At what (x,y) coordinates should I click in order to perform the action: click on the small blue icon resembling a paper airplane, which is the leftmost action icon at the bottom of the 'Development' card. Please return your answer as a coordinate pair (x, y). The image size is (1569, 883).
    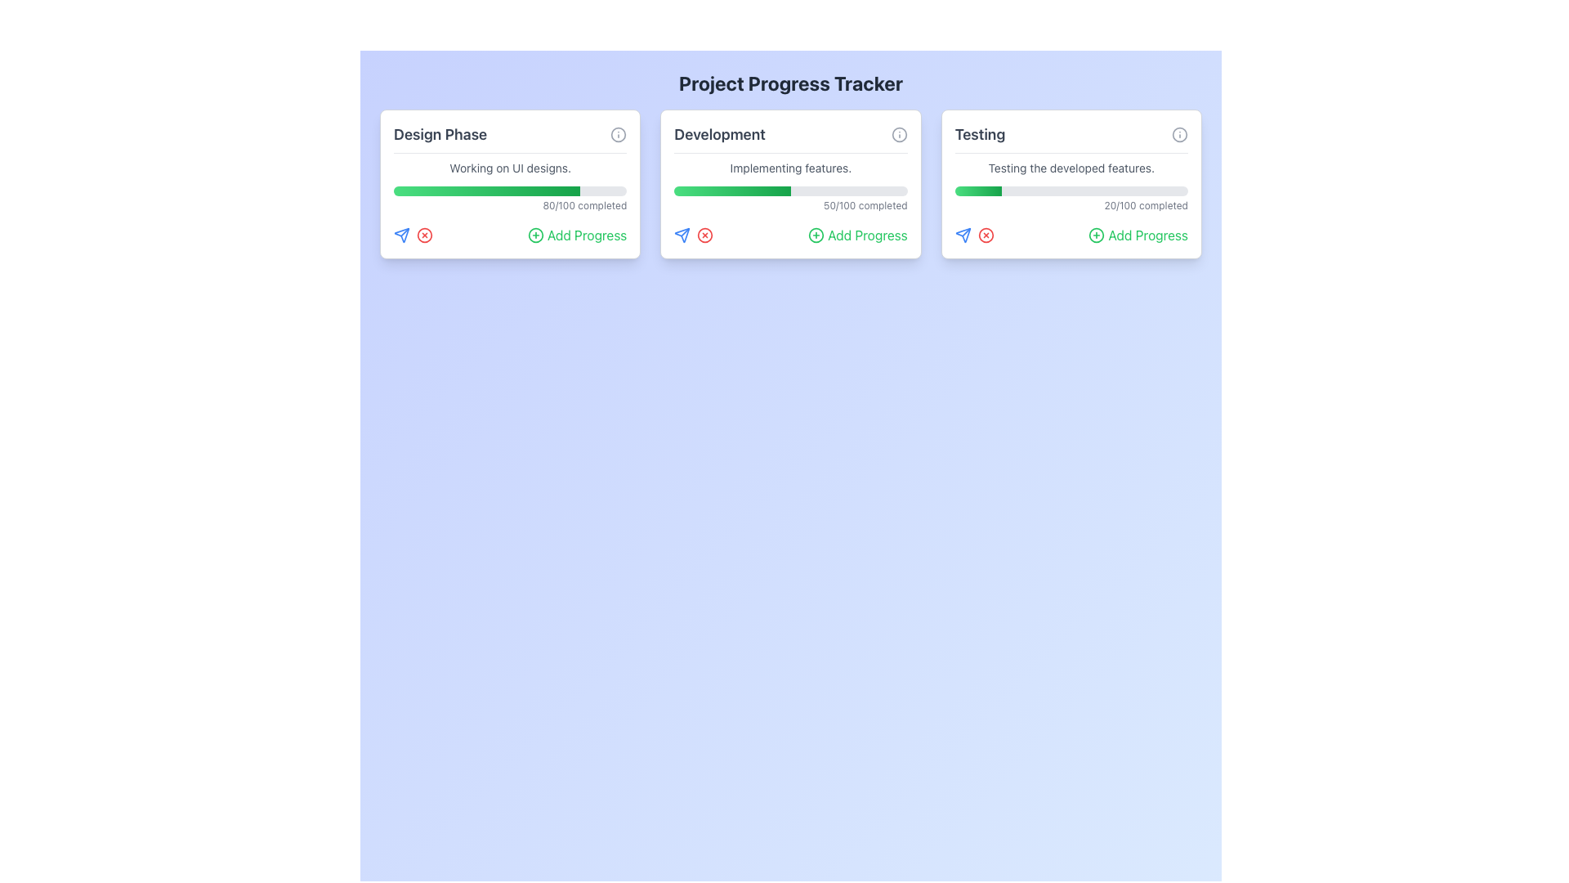
    Looking at the image, I should click on (401, 235).